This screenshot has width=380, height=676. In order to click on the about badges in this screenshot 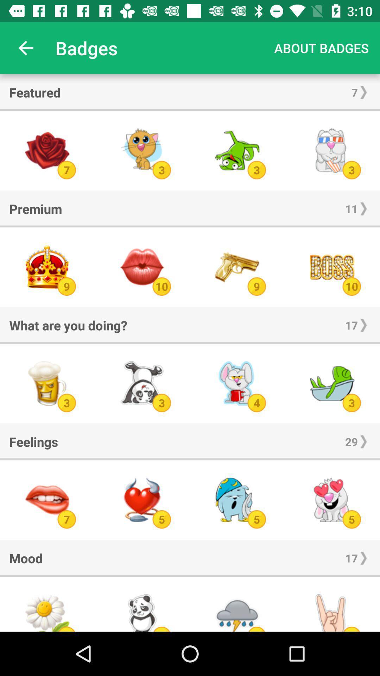, I will do `click(321, 48)`.